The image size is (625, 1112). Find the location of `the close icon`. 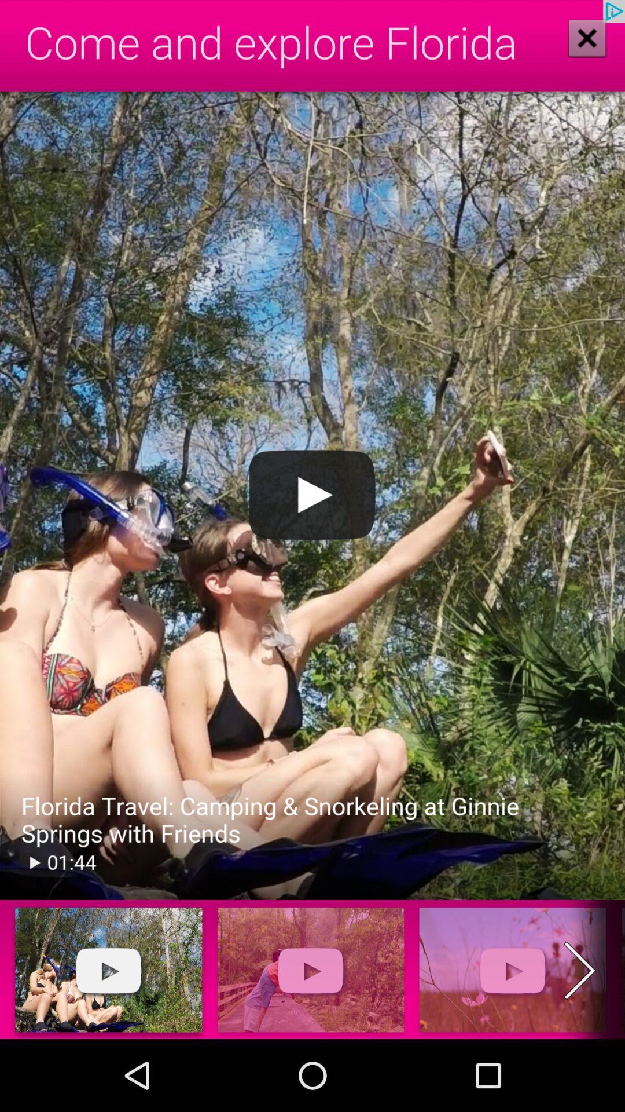

the close icon is located at coordinates (587, 38).